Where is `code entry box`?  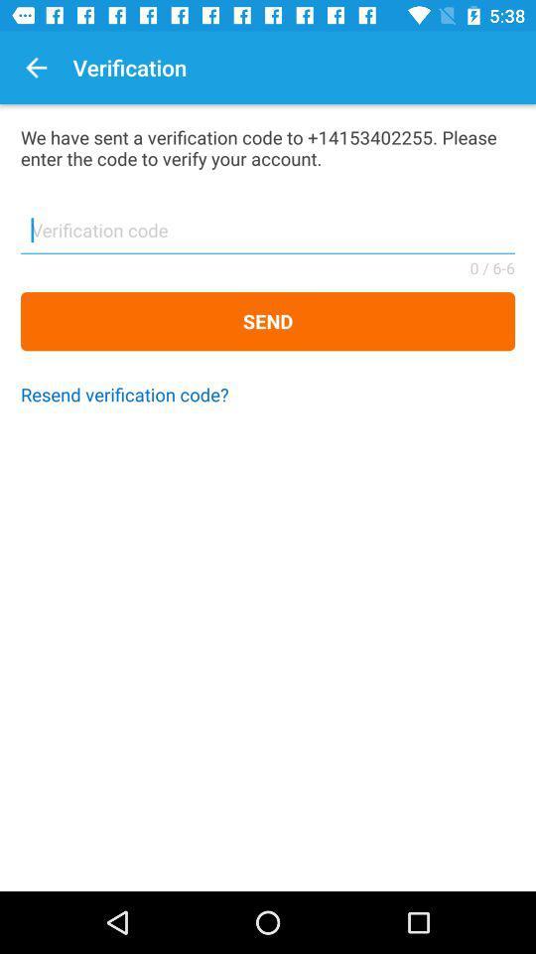
code entry box is located at coordinates (268, 237).